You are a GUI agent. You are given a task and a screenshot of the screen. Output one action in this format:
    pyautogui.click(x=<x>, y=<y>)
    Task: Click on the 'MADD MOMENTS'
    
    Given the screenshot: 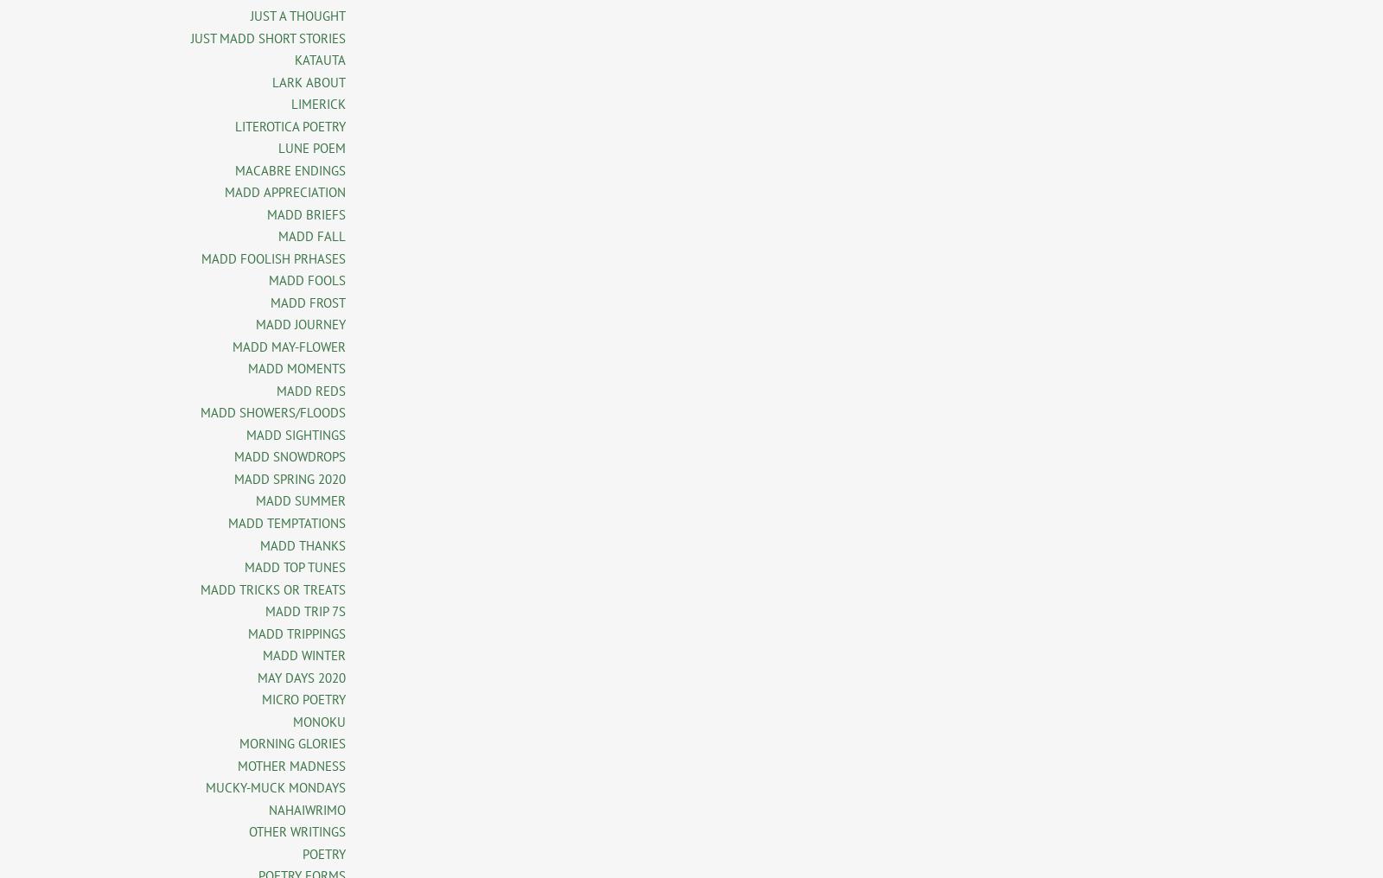 What is the action you would take?
    pyautogui.click(x=296, y=367)
    